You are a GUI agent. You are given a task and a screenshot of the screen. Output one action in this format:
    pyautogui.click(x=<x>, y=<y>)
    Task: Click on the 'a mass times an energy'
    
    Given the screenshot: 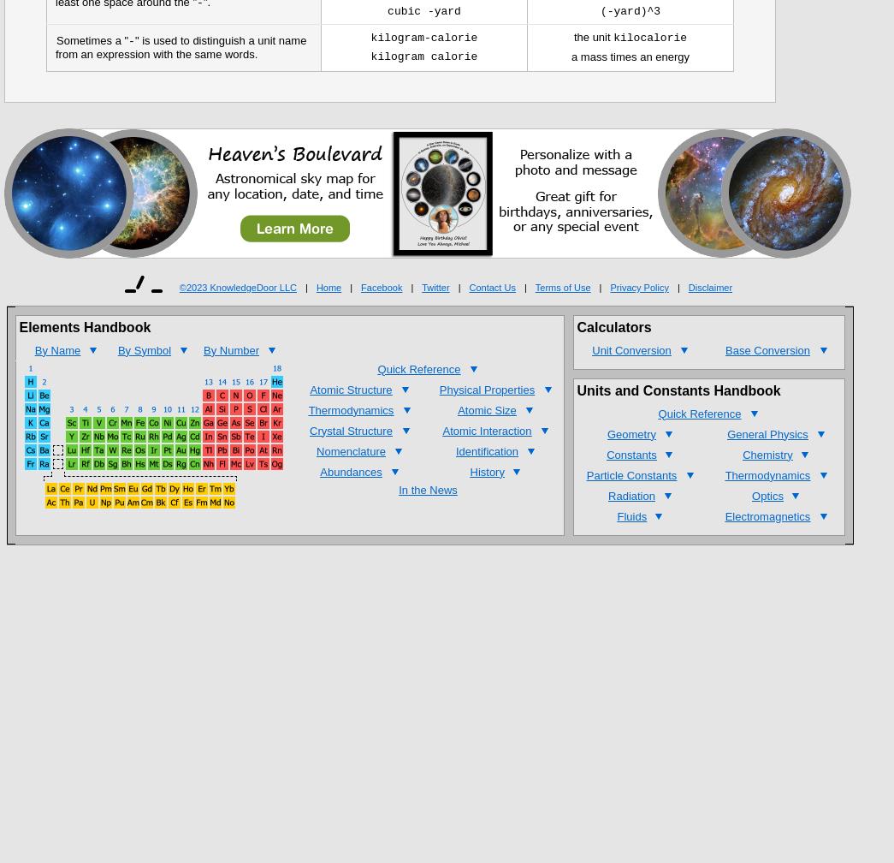 What is the action you would take?
    pyautogui.click(x=629, y=56)
    